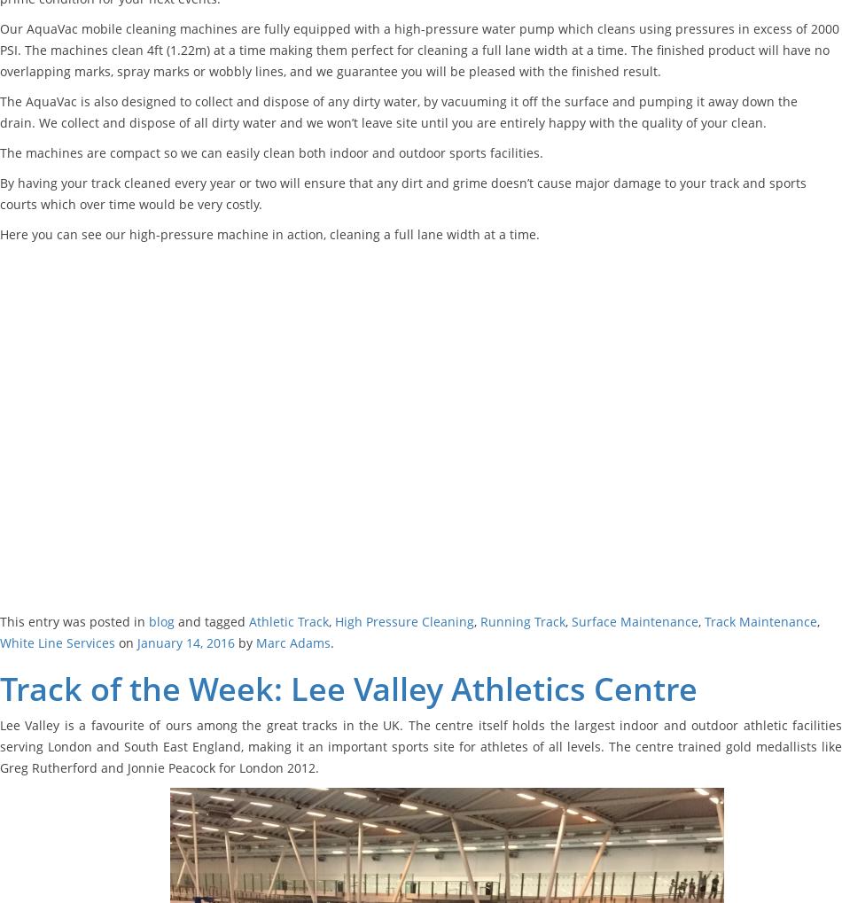 The height and width of the screenshot is (903, 842). I want to click on 'on', so click(114, 642).